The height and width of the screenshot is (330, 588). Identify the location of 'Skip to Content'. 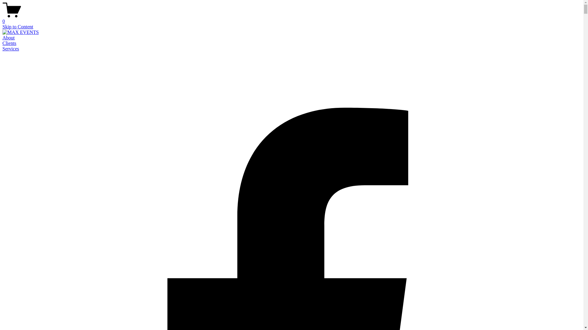
(17, 26).